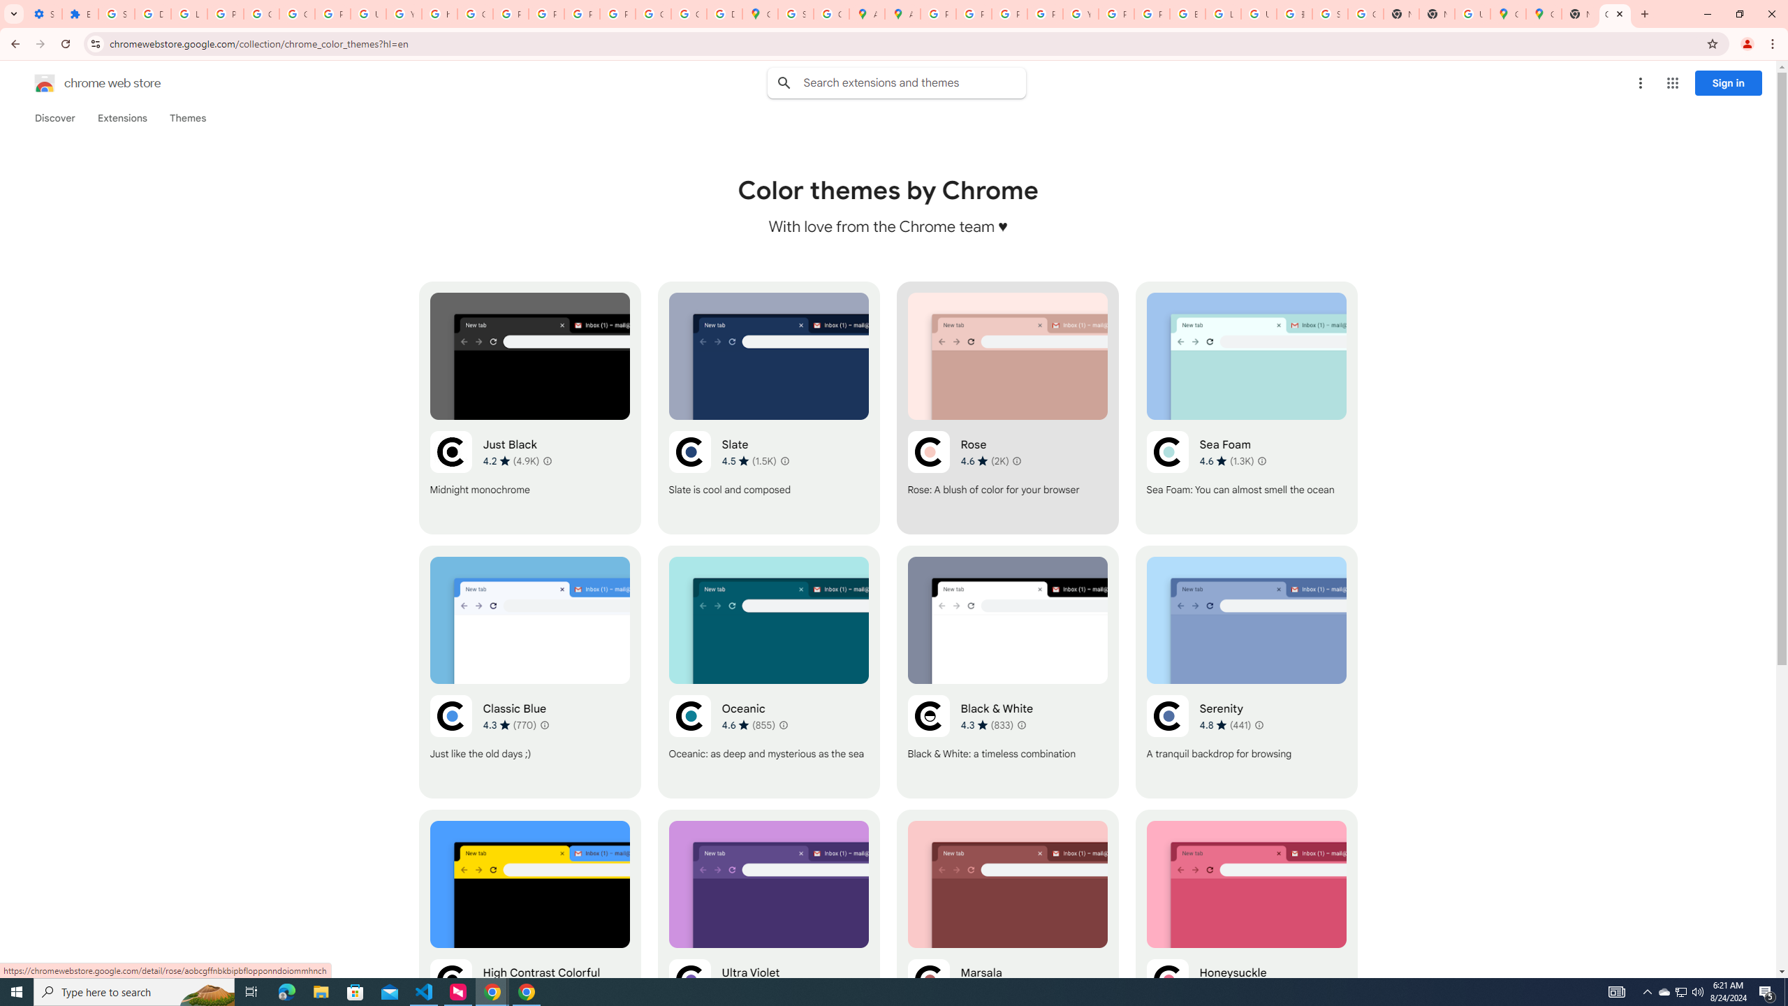 Image resolution: width=1788 pixels, height=1006 pixels. Describe the element at coordinates (1472, 13) in the screenshot. I see `'Use Google Maps in Space - Google Maps Help'` at that location.